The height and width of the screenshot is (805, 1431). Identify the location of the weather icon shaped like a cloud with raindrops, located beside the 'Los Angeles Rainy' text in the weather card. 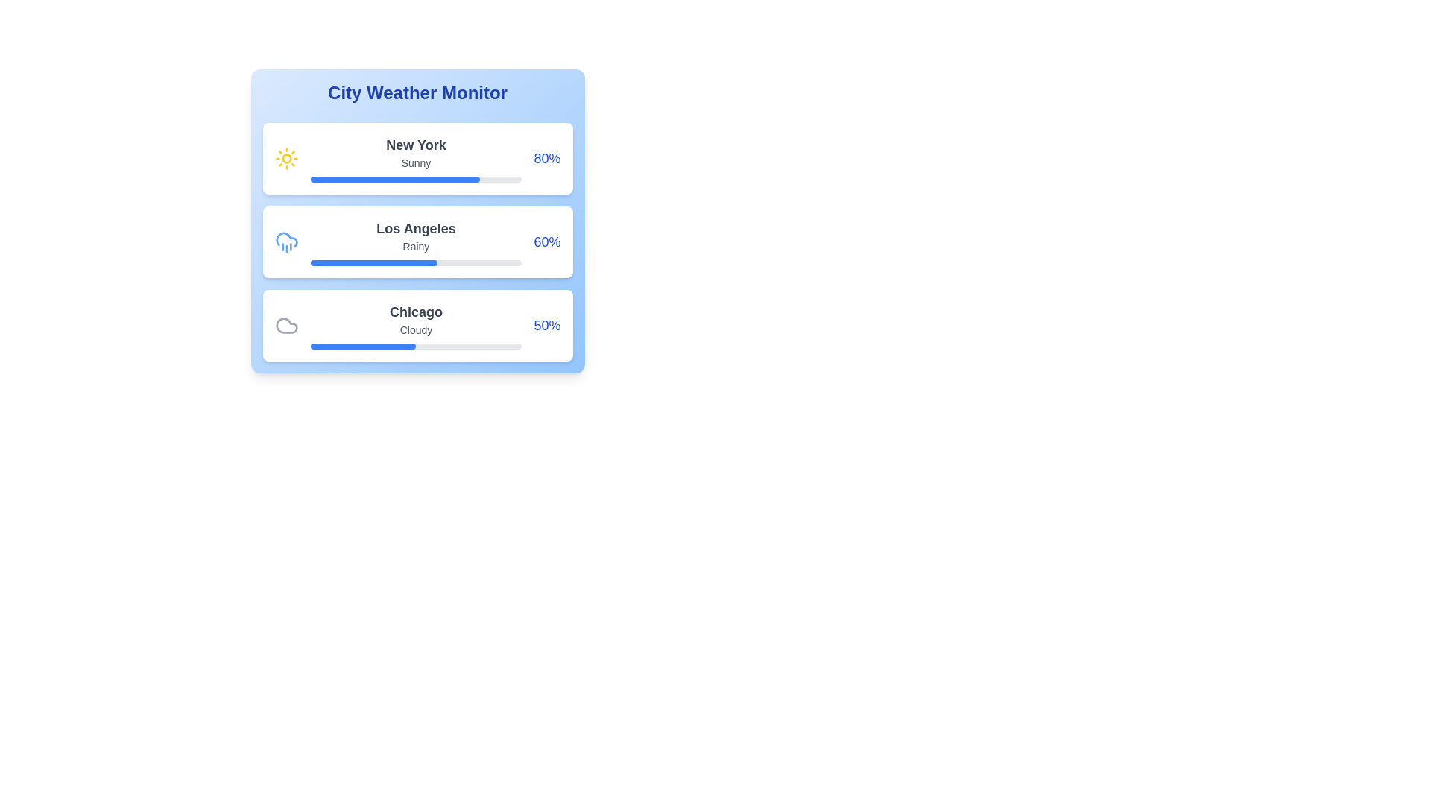
(286, 241).